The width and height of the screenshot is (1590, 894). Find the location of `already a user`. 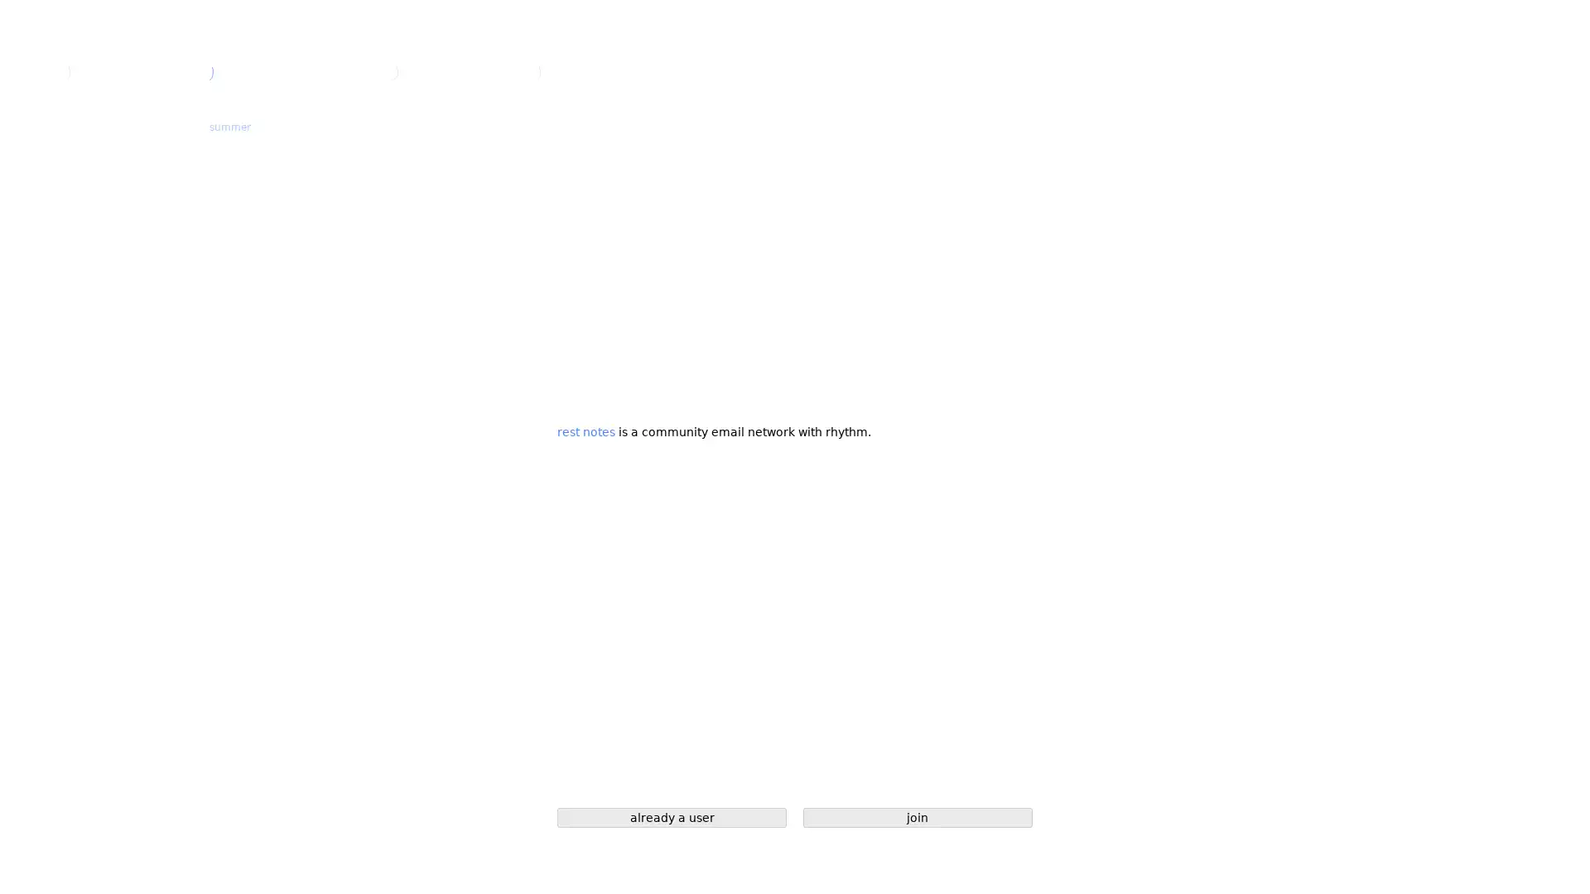

already a user is located at coordinates (672, 816).